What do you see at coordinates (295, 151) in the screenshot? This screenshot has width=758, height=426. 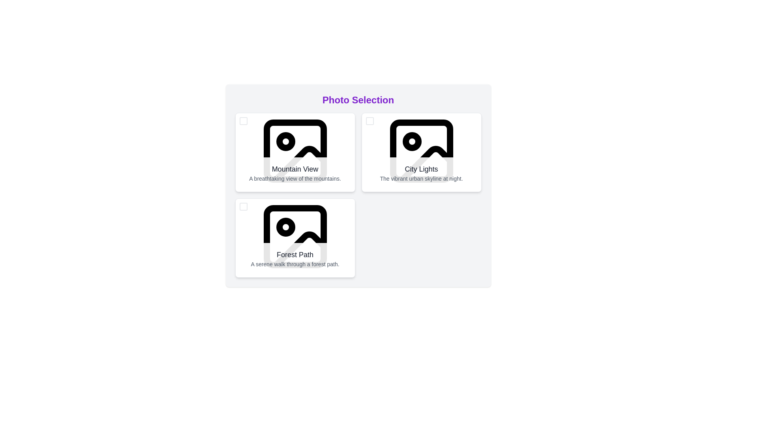 I see `the rounded rectangle decorative element located within the 'Mountain View' image card` at bounding box center [295, 151].